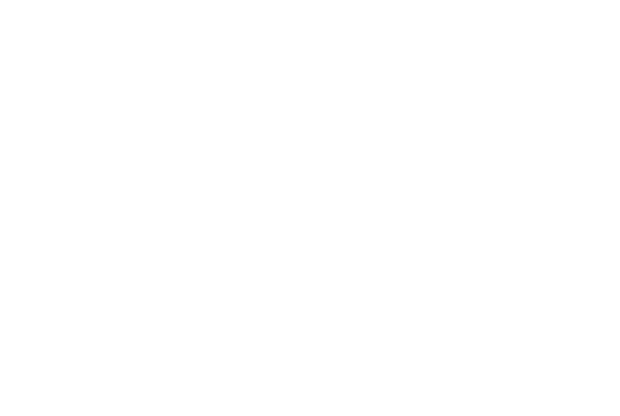 The width and height of the screenshot is (620, 416). What do you see at coordinates (566, 68) in the screenshot?
I see `'Sign up'` at bounding box center [566, 68].